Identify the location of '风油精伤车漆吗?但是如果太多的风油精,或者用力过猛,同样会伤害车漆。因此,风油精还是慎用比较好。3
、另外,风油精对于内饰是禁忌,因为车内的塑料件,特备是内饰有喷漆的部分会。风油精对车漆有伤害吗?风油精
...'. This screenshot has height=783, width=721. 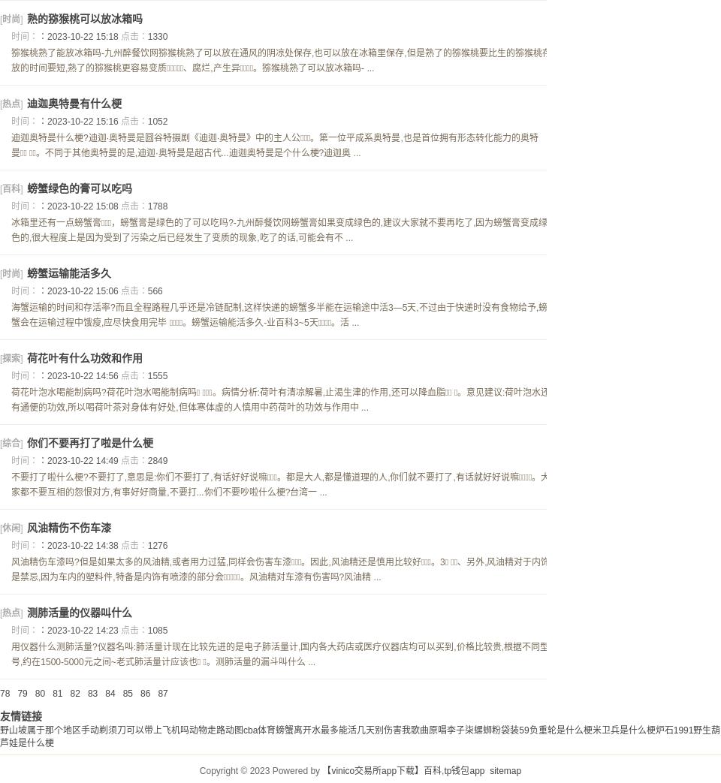
(279, 568).